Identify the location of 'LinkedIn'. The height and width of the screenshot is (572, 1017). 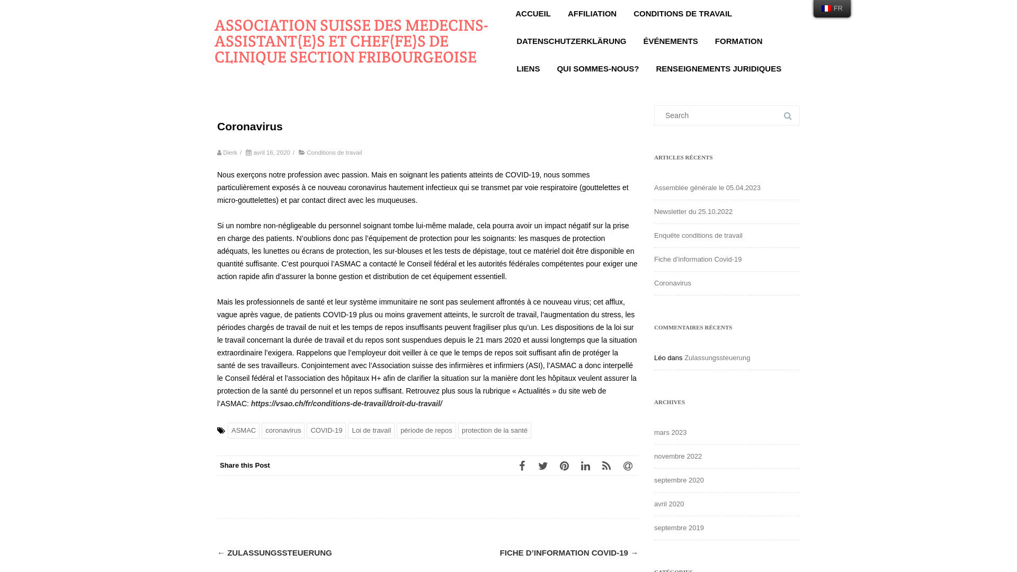
(574, 465).